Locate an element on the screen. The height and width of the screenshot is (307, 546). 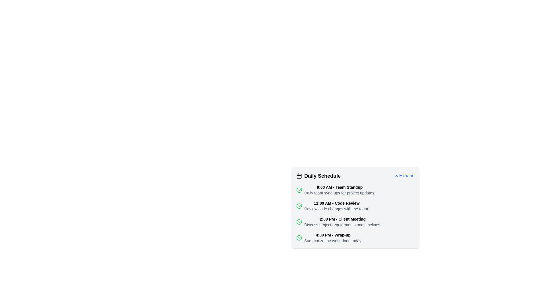
the first entry of the 'Daily Schedule' list which describes the scheduled event for '9:00 AM Team Standup' to interact with contextual elements is located at coordinates (340, 190).